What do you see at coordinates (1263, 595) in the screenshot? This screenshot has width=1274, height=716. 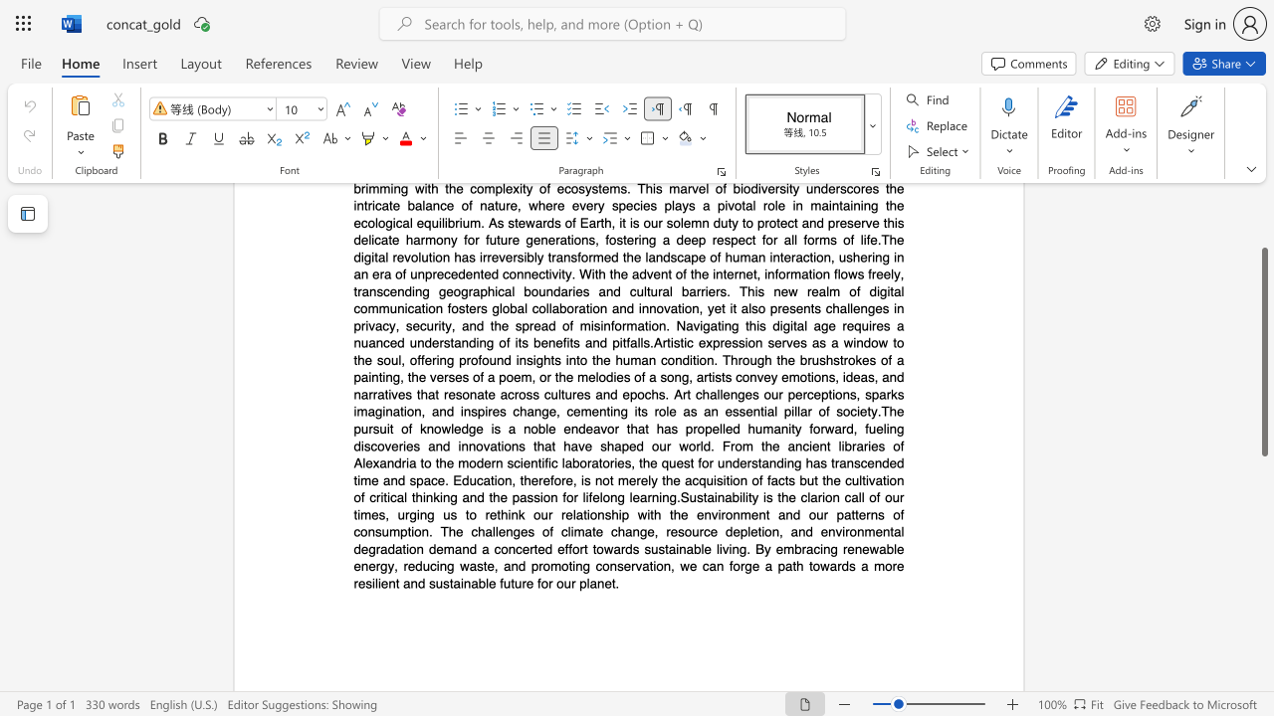 I see `the scrollbar on the side` at bounding box center [1263, 595].